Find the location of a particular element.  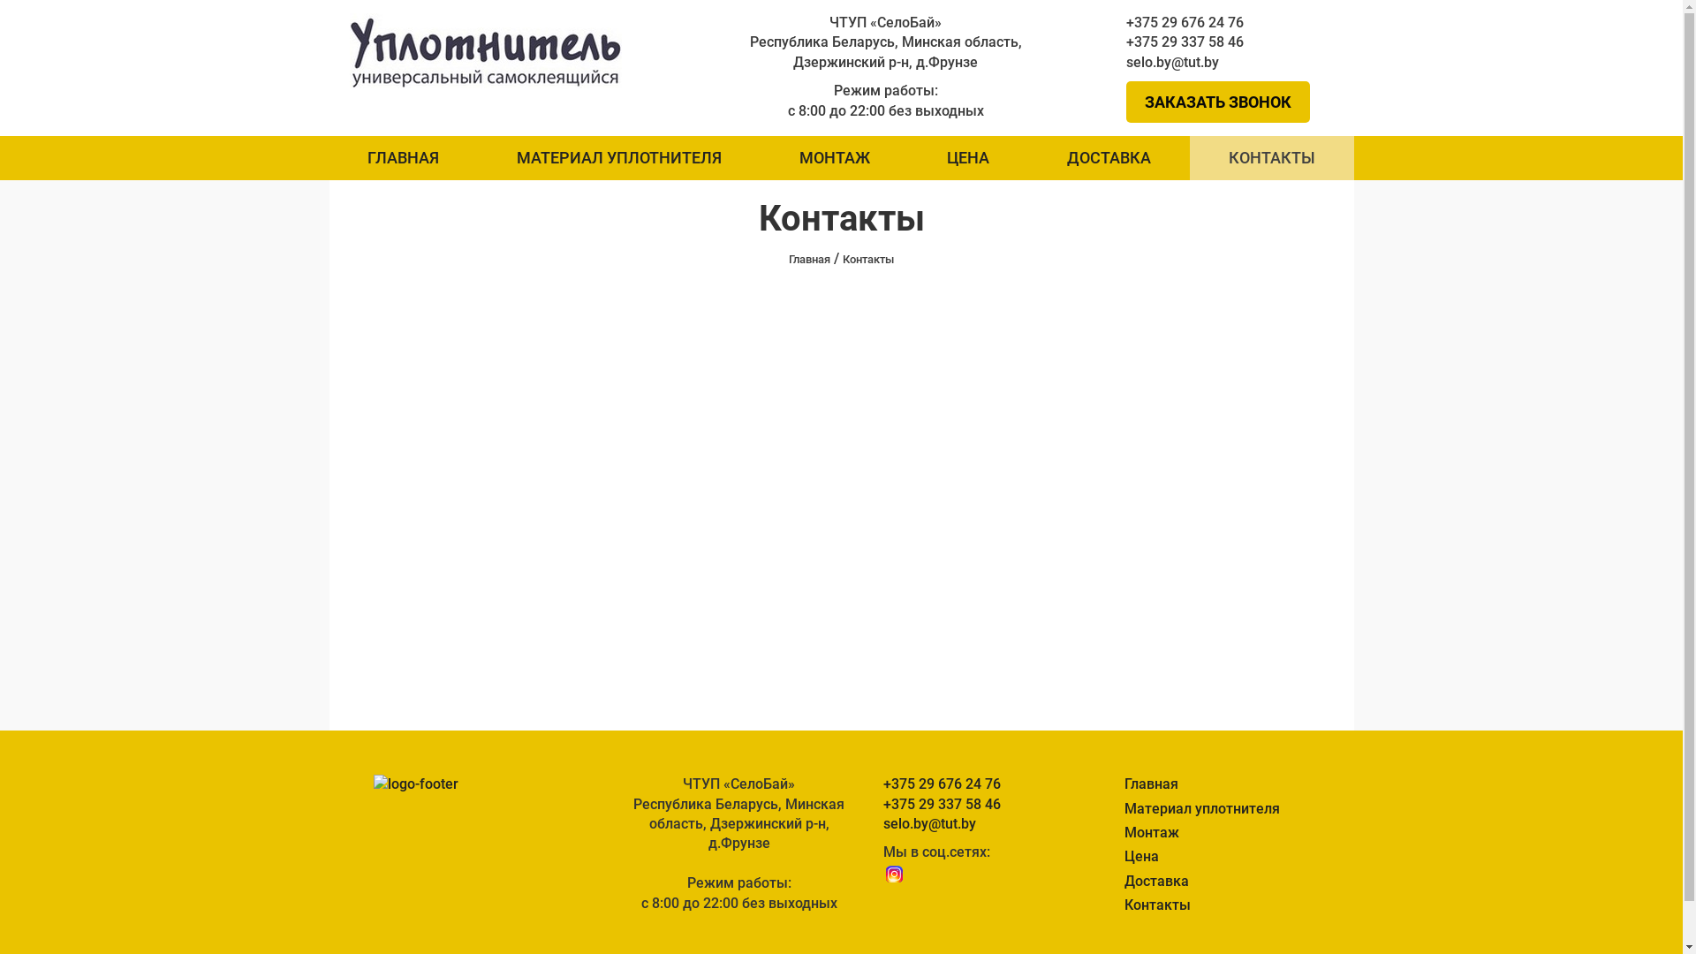

'+375 29 337 58 46' is located at coordinates (1229, 41).